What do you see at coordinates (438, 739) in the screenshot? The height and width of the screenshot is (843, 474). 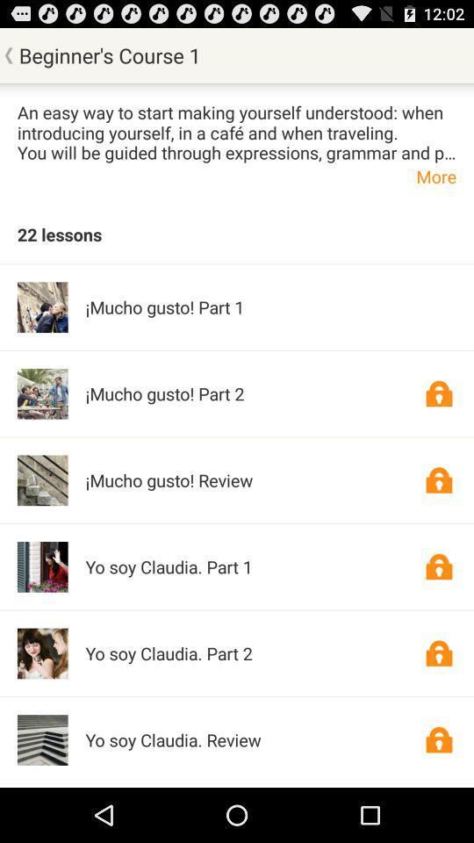 I see `lesson locked` at bounding box center [438, 739].